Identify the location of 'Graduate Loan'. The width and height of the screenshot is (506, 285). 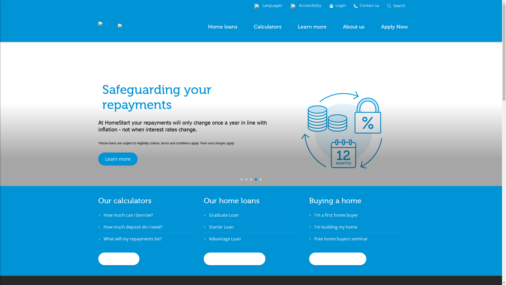
(223, 215).